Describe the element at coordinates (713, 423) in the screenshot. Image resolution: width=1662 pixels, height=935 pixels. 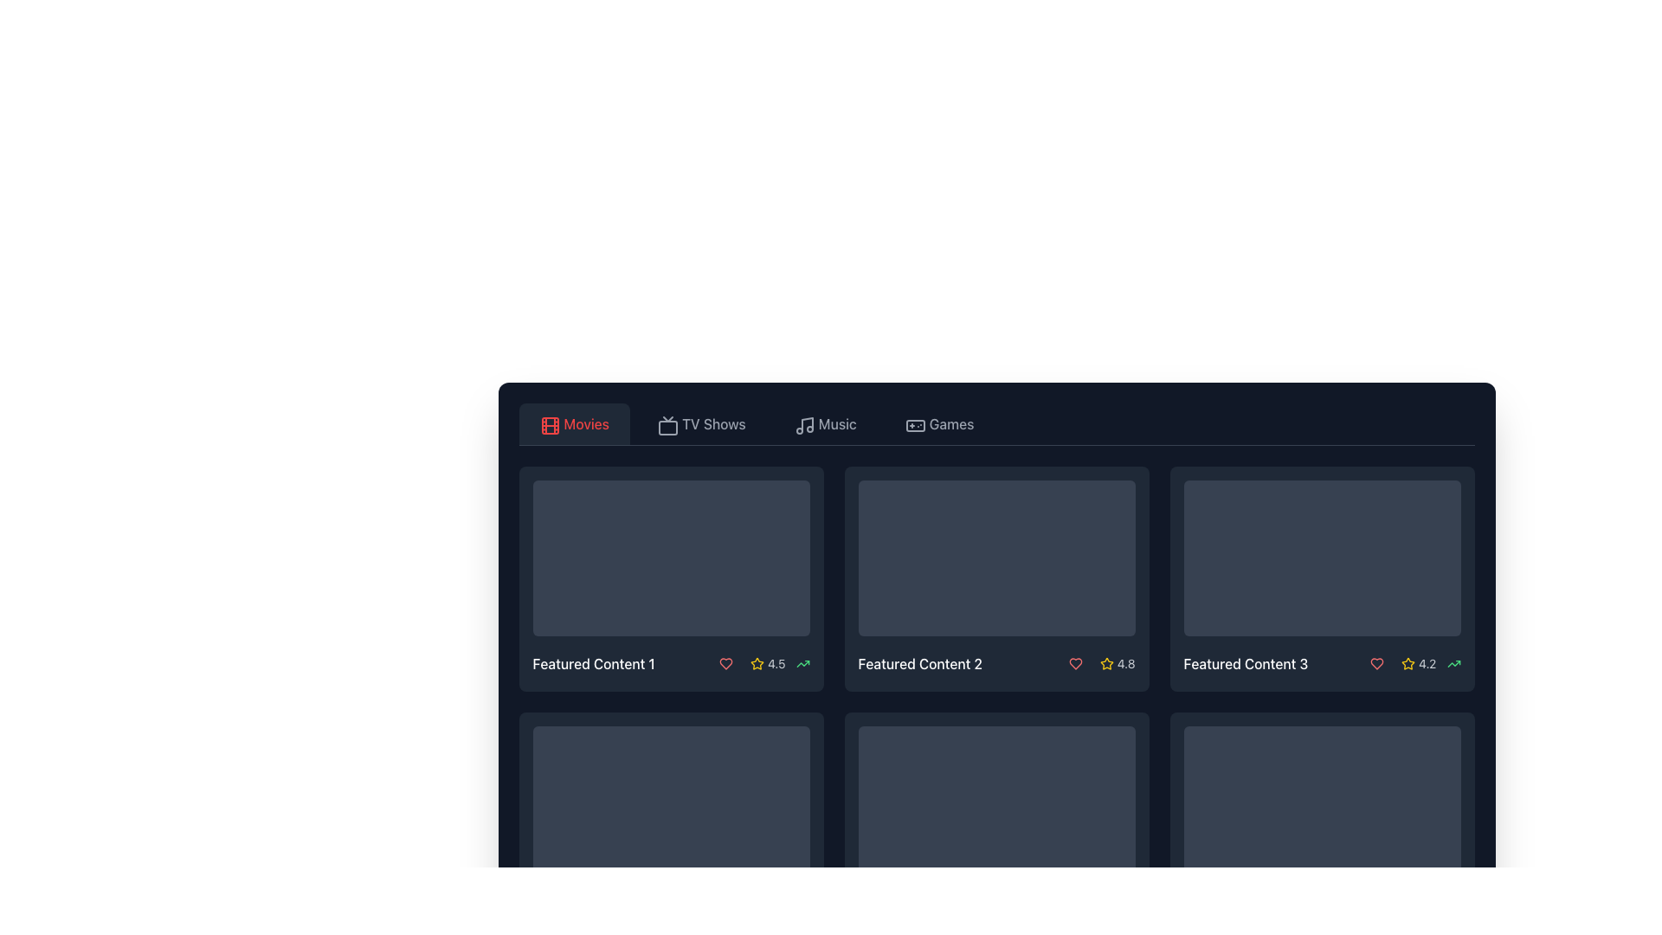
I see `the 'TV Shows' navigation tab to filter and display content related to TV shows` at that location.